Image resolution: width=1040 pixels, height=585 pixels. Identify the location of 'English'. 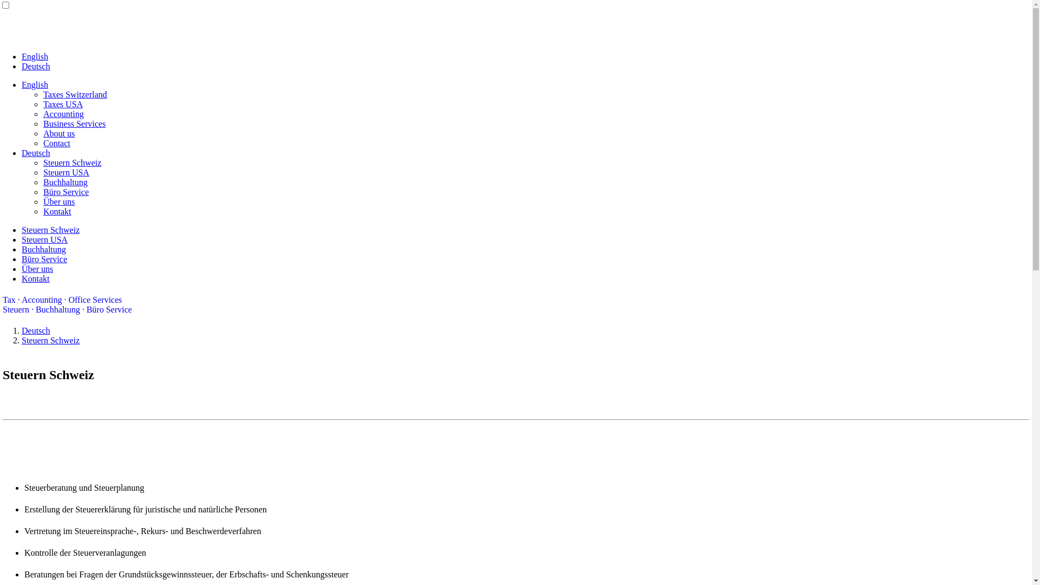
(35, 56).